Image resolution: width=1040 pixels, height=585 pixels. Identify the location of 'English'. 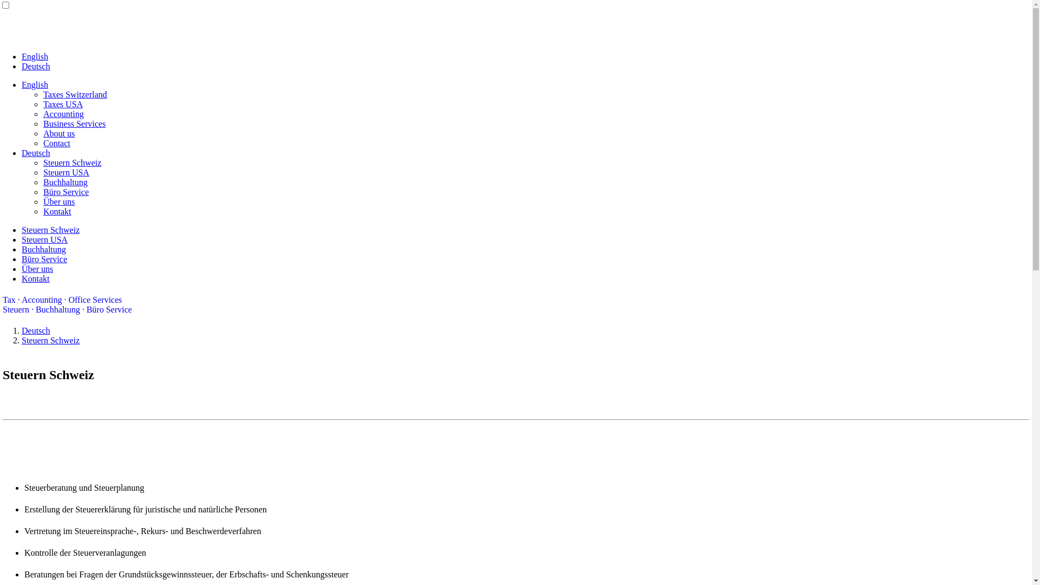
(35, 56).